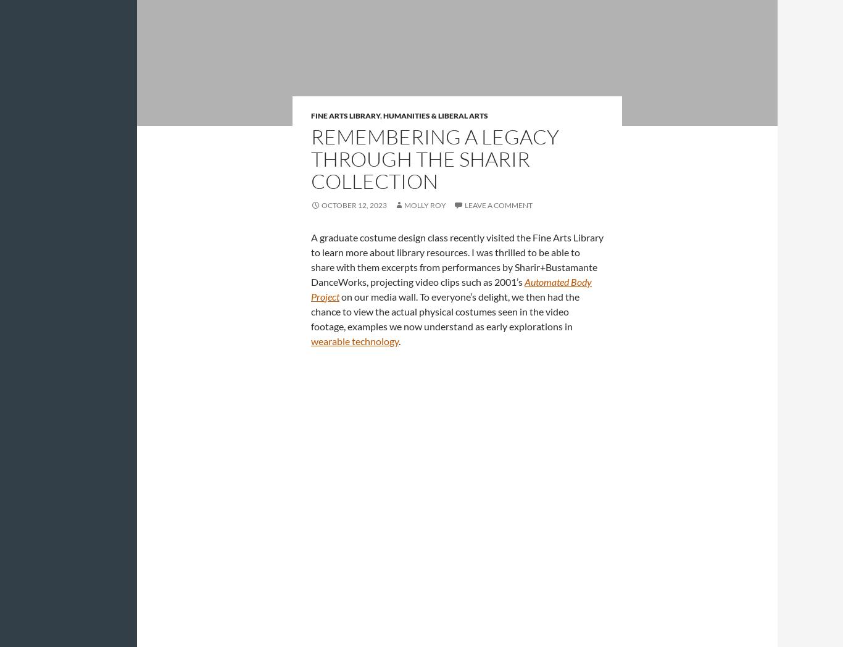 Image resolution: width=843 pixels, height=647 pixels. Describe the element at coordinates (346, 114) in the screenshot. I see `'Fine Arts Library'` at that location.